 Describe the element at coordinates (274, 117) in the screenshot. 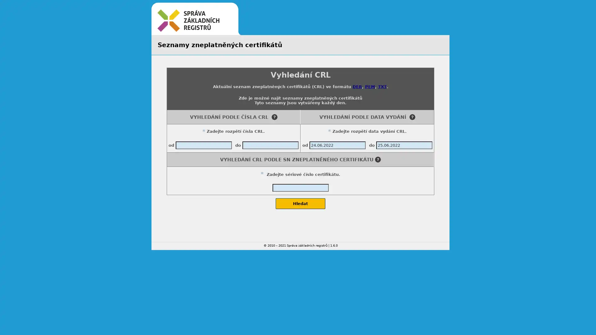

I see `Napoveda` at that location.